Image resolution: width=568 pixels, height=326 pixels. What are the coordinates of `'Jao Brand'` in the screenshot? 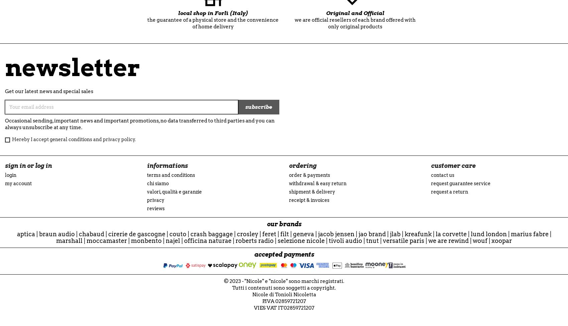 It's located at (358, 234).